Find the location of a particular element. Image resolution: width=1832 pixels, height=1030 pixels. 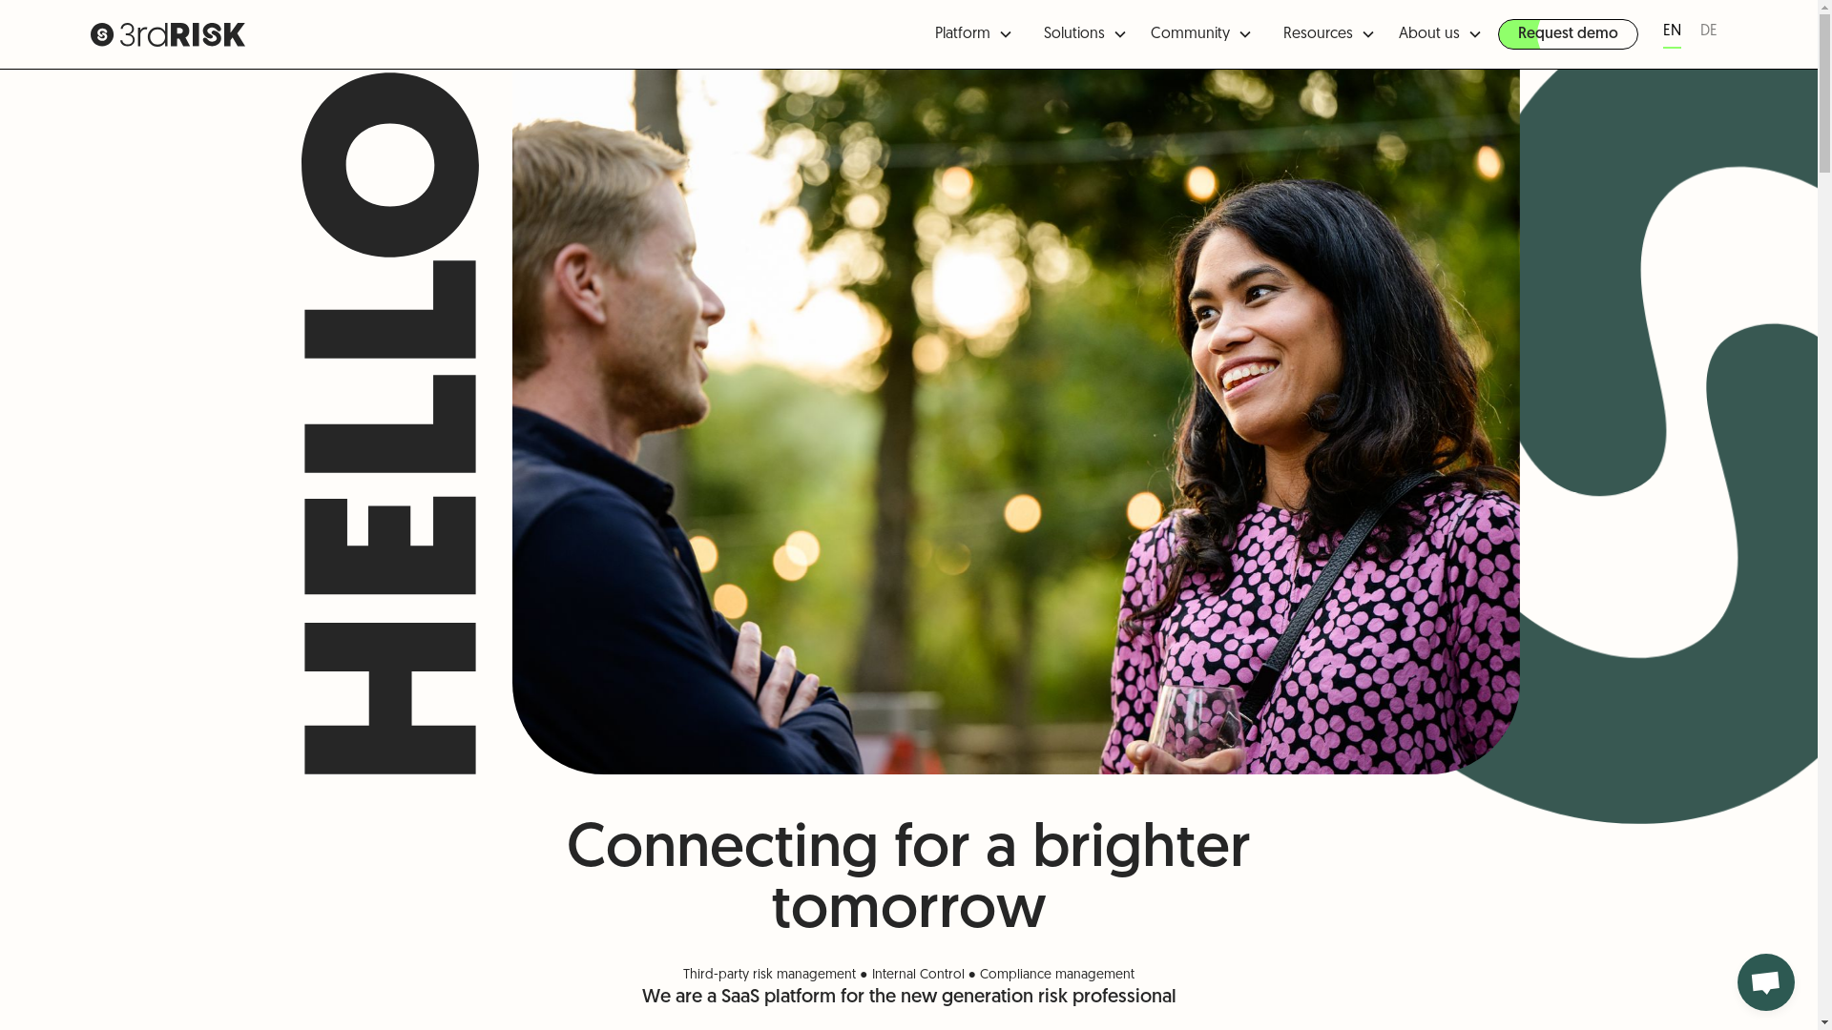

'Request demo' is located at coordinates (1568, 33).